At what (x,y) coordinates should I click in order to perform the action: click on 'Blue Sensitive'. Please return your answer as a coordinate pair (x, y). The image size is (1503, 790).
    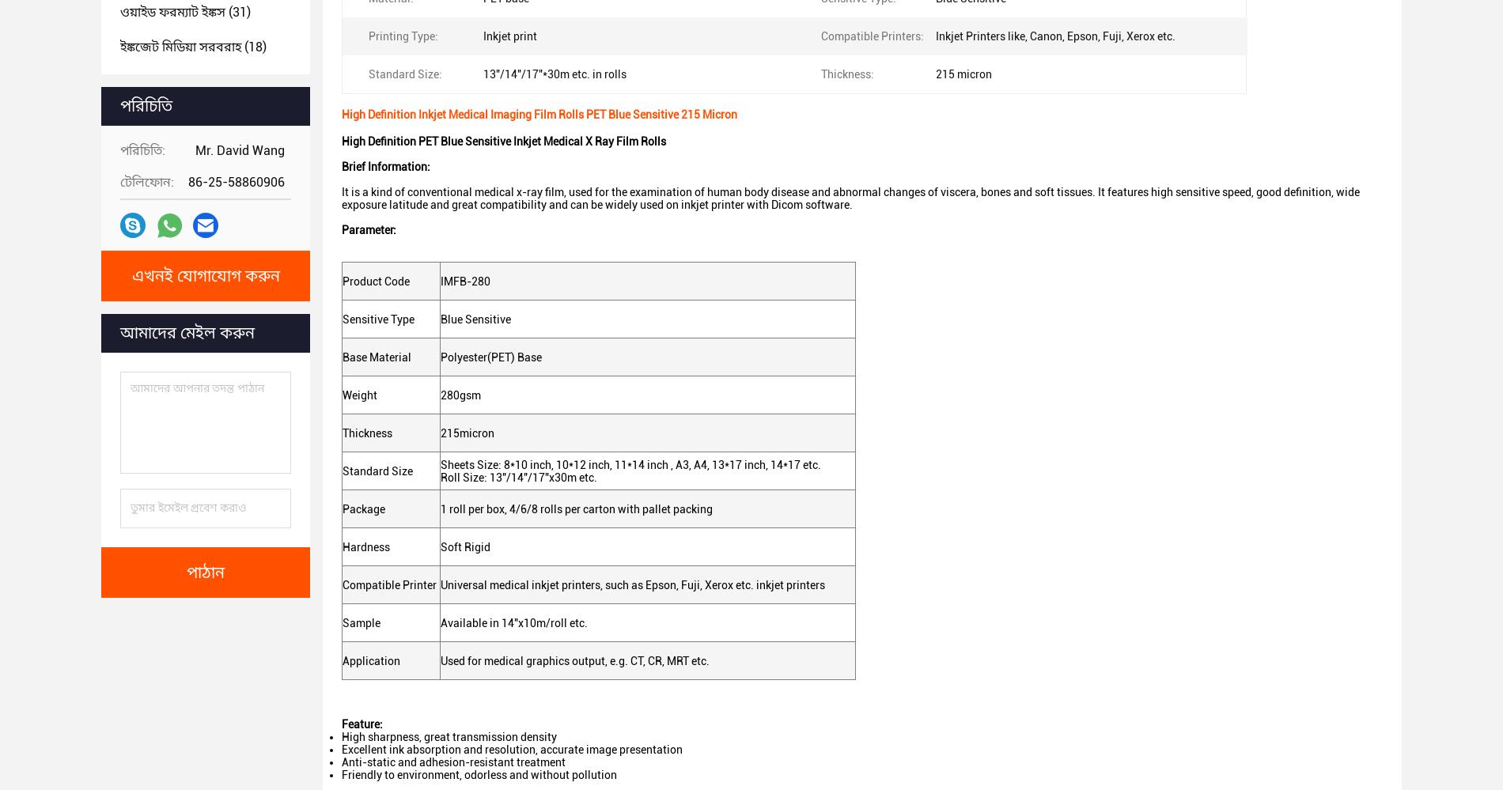
    Looking at the image, I should click on (475, 317).